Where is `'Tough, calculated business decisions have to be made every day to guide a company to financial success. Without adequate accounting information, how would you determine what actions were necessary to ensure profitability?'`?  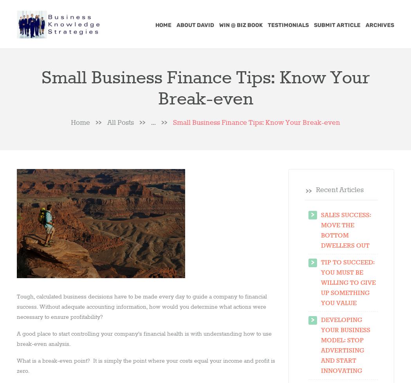 'Tough, calculated business decisions have to be made every day to guide a company to financial success. Without adequate accounting information, how would you determine what actions were necessary to ensure profitability?' is located at coordinates (16, 306).